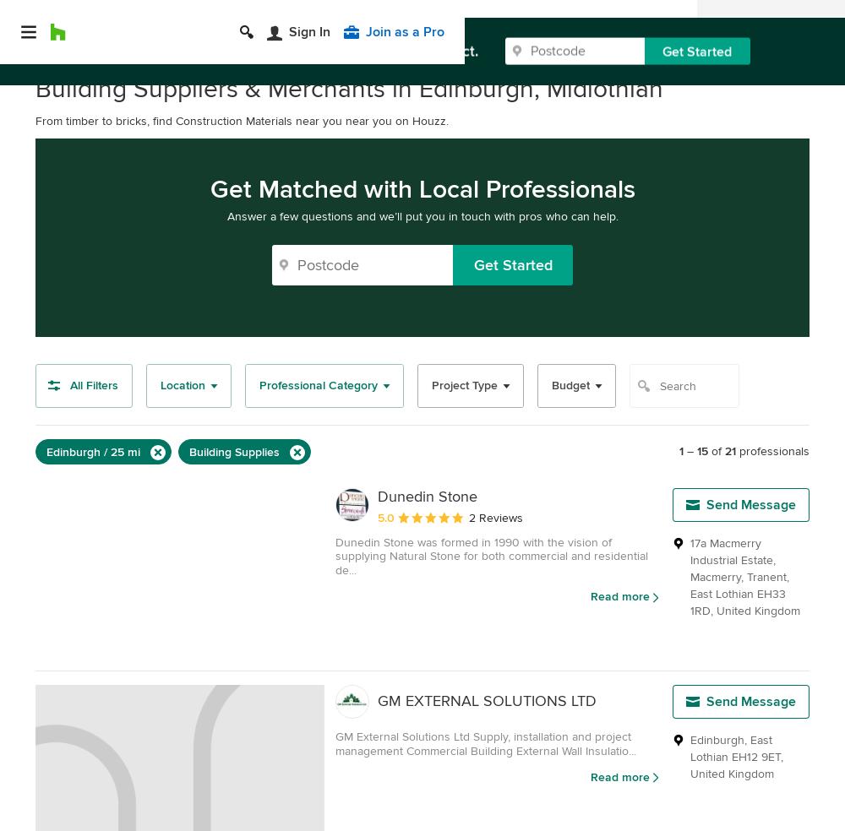 The image size is (845, 831). Describe the element at coordinates (93, 385) in the screenshot. I see `'All Filters'` at that location.